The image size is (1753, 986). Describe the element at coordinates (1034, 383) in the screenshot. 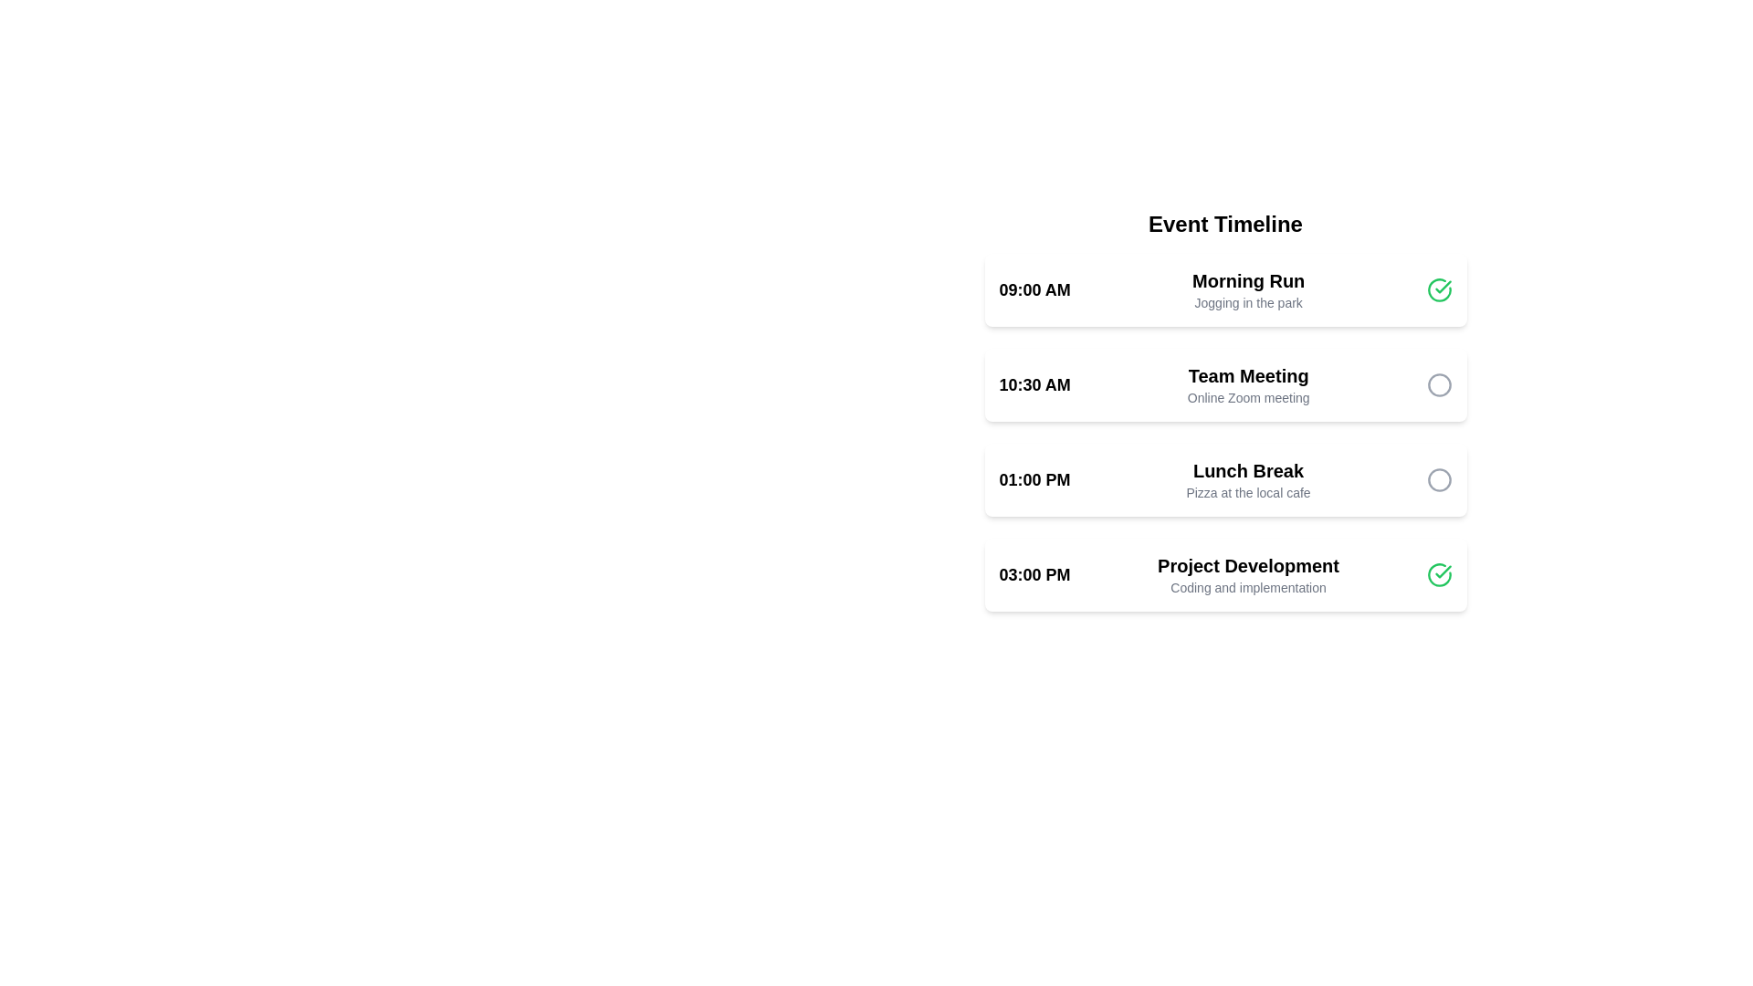

I see `the Text Label that represents the start time for the 'Team Meeting' event on the schedule interface` at that location.